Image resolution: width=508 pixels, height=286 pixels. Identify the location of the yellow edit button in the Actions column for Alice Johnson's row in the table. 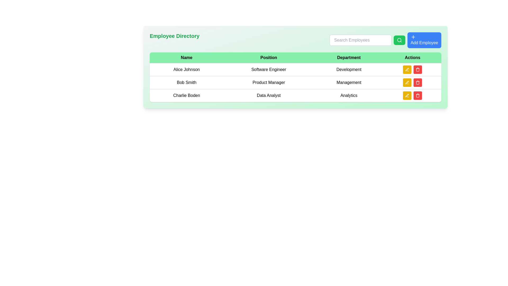
(412, 69).